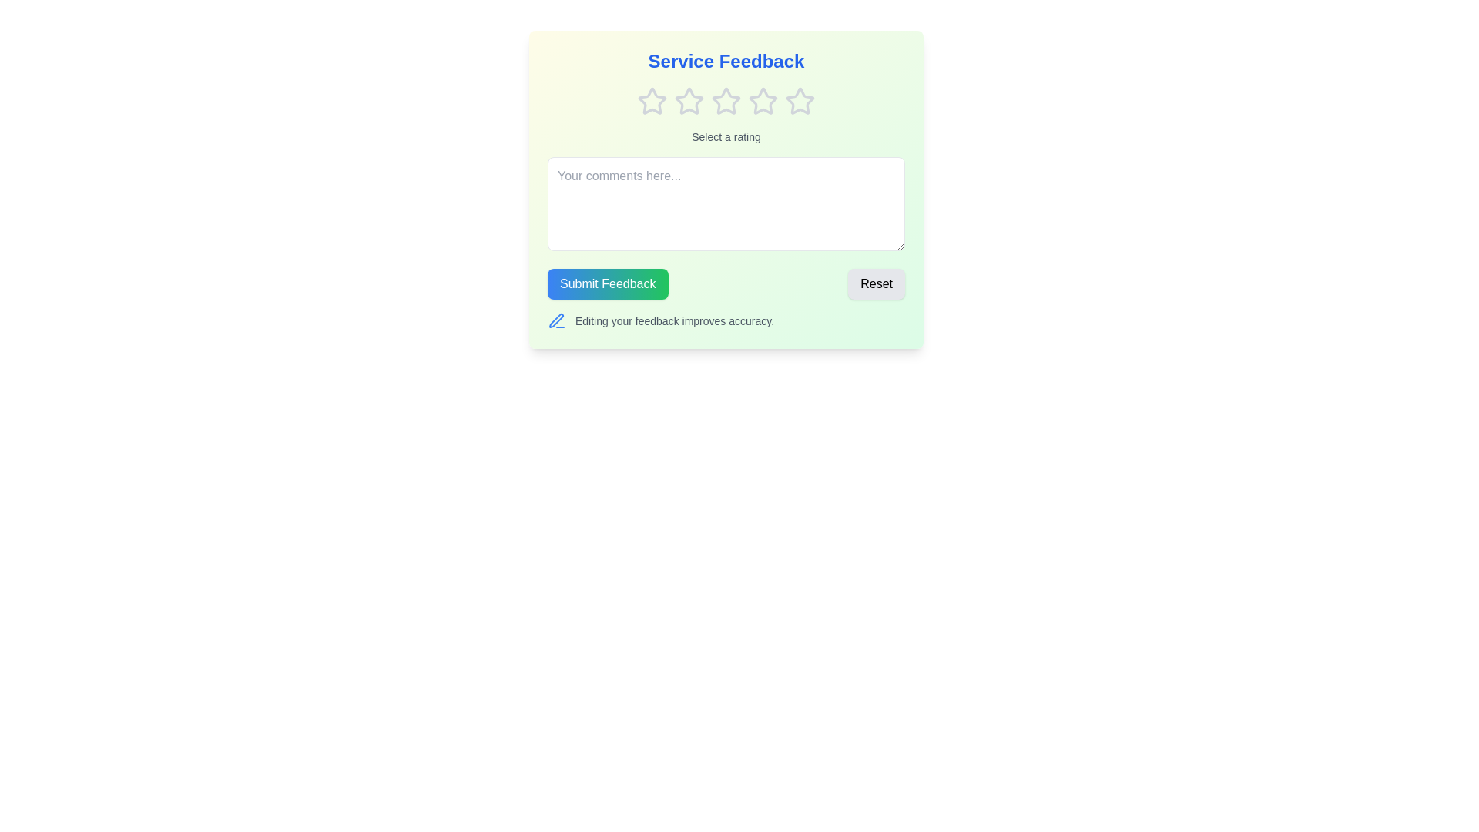 Image resolution: width=1479 pixels, height=832 pixels. What do you see at coordinates (800, 101) in the screenshot?
I see `the fifth star icon in the rating system` at bounding box center [800, 101].